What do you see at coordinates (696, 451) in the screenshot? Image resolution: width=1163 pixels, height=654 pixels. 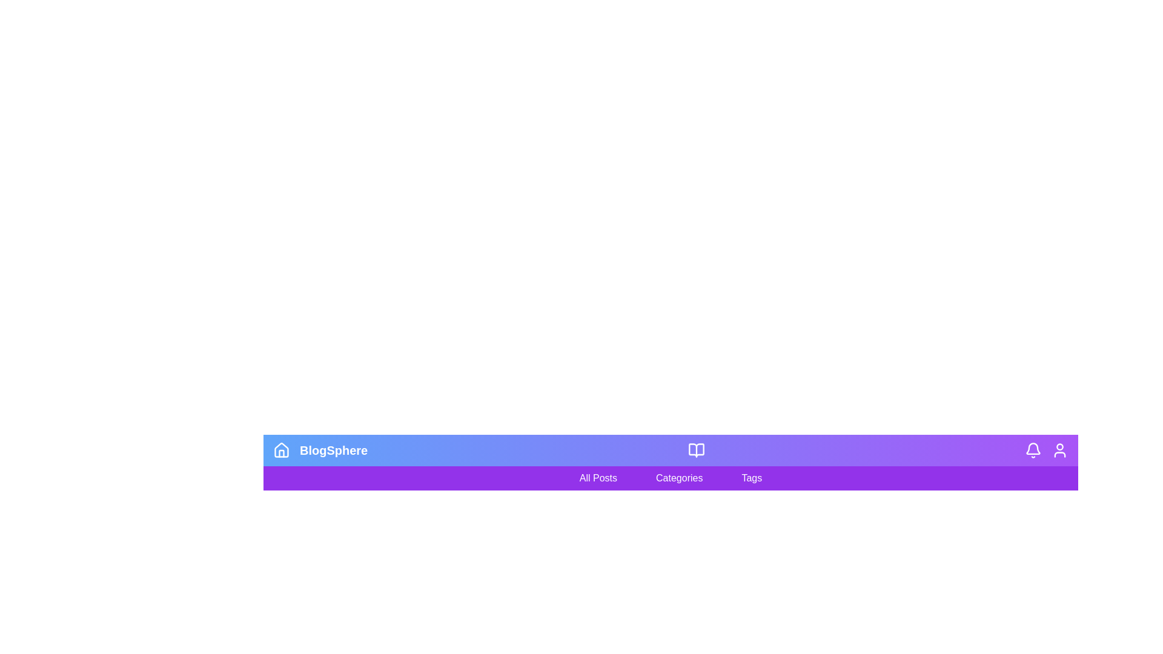 I see `the 'Book' icon to toggle the search bar` at bounding box center [696, 451].